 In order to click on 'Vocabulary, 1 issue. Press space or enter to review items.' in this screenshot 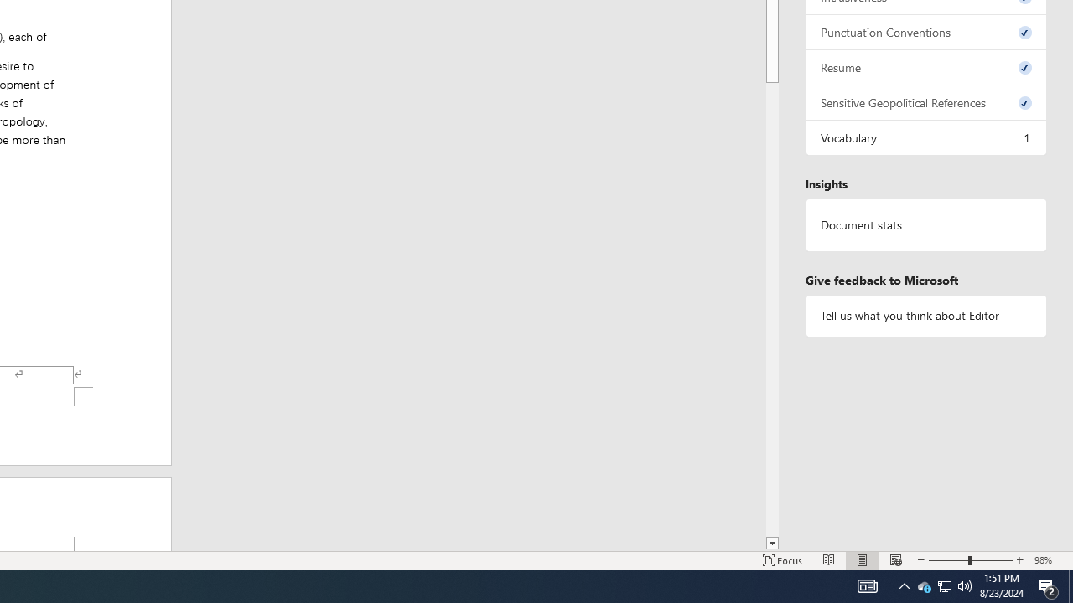, I will do `click(925, 137)`.